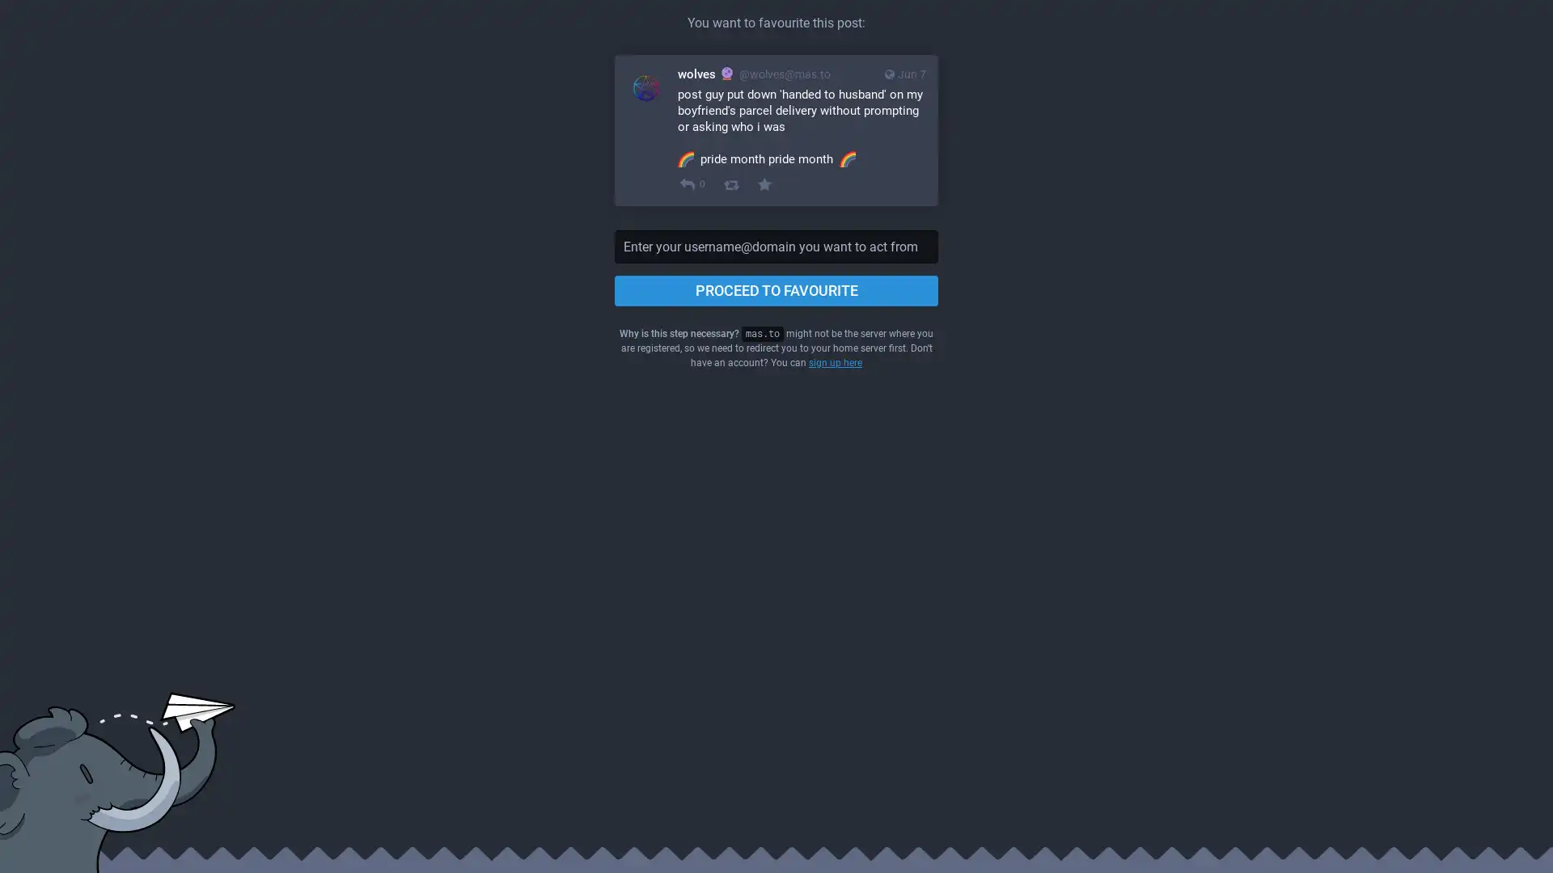 The width and height of the screenshot is (1553, 873). Describe the element at coordinates (776, 289) in the screenshot. I see `PROCEED TO FAVOURITE` at that location.